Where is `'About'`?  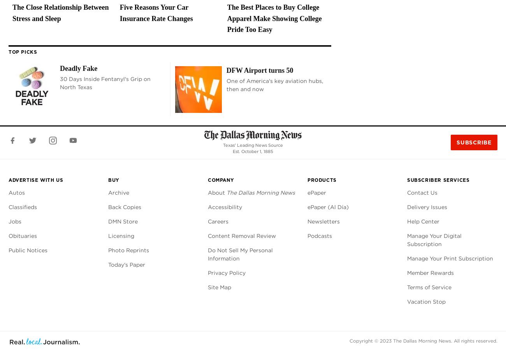 'About' is located at coordinates (216, 192).